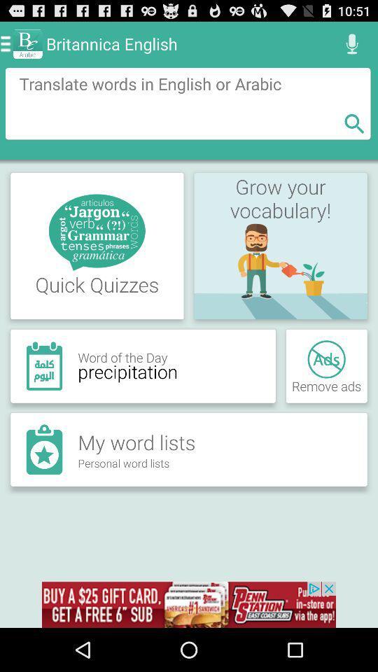 The width and height of the screenshot is (378, 672). What do you see at coordinates (189, 604) in the screenshot?
I see `advertisement` at bounding box center [189, 604].